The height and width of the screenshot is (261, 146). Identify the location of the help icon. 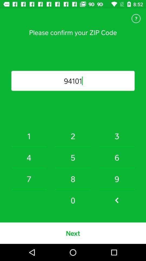
(136, 18).